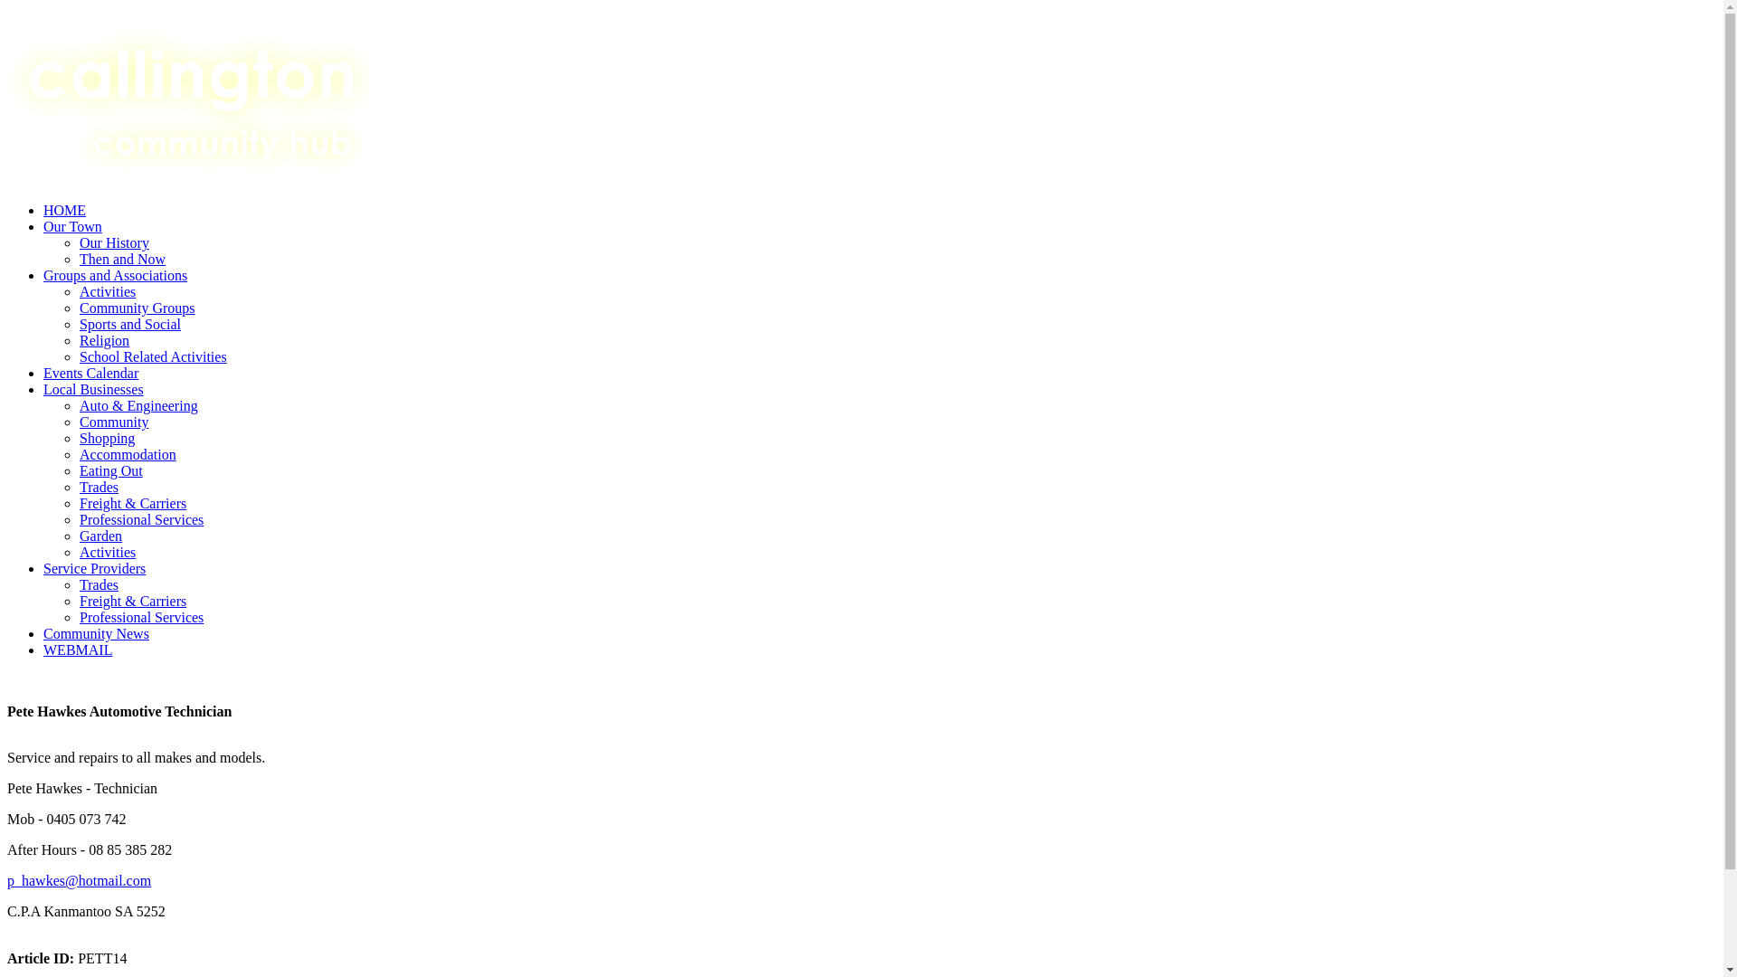  What do you see at coordinates (78, 323) in the screenshot?
I see `'Sports and Social'` at bounding box center [78, 323].